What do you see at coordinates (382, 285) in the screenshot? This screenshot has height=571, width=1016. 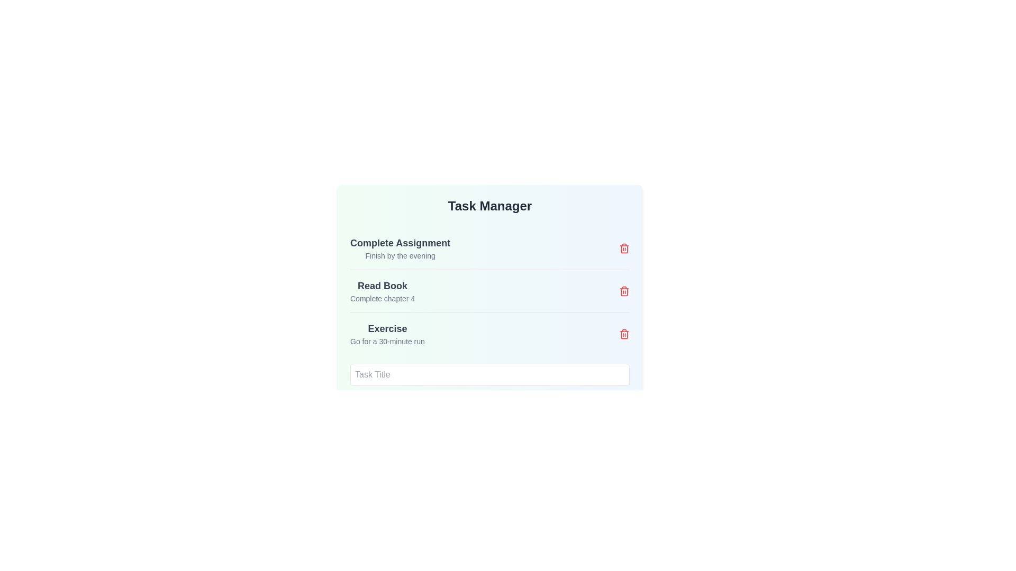 I see `text label titled 'Read Book' which is styled in bold and is located centrally within a list-like section, accompanied by the subtitle 'Complete chapter 4'` at bounding box center [382, 285].